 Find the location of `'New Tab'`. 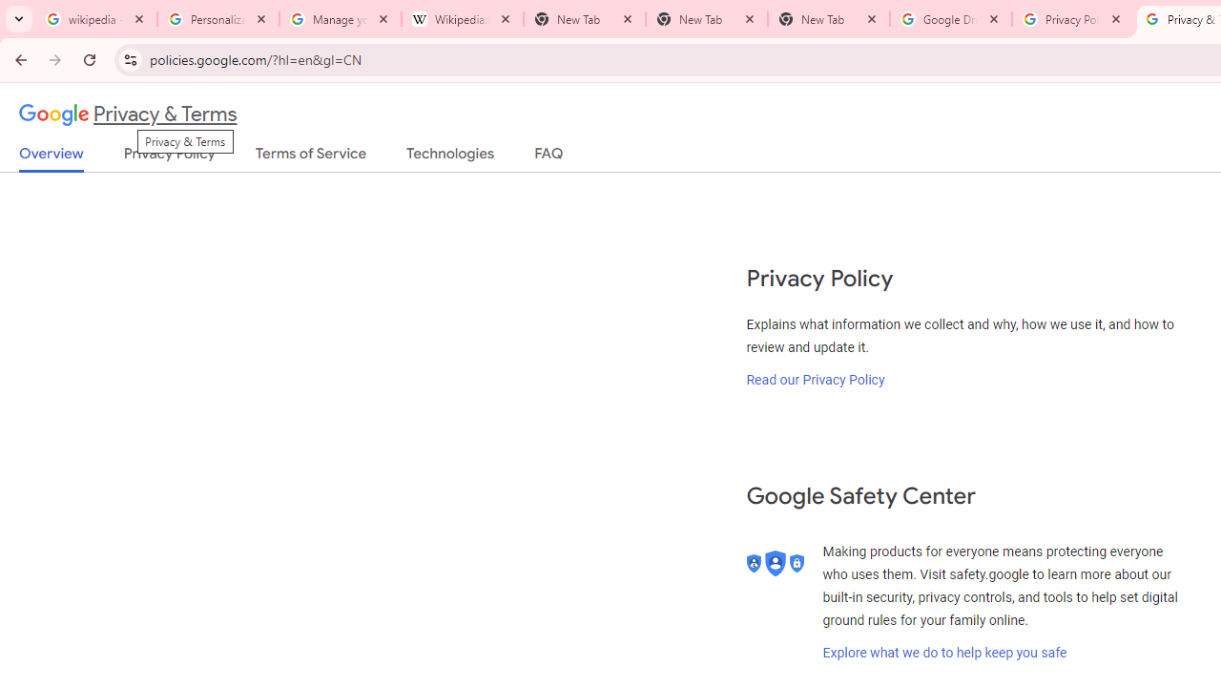

'New Tab' is located at coordinates (829, 19).